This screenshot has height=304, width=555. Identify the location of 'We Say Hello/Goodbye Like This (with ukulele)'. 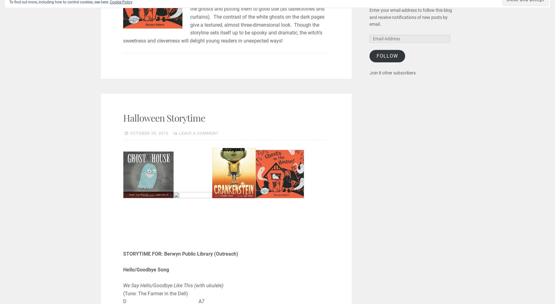
(123, 285).